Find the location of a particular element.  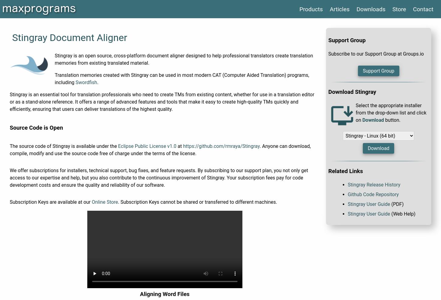

'. Anyone can download, compile,
                        modify and use the source code free of charge under the terms of the license.' is located at coordinates (10, 149).